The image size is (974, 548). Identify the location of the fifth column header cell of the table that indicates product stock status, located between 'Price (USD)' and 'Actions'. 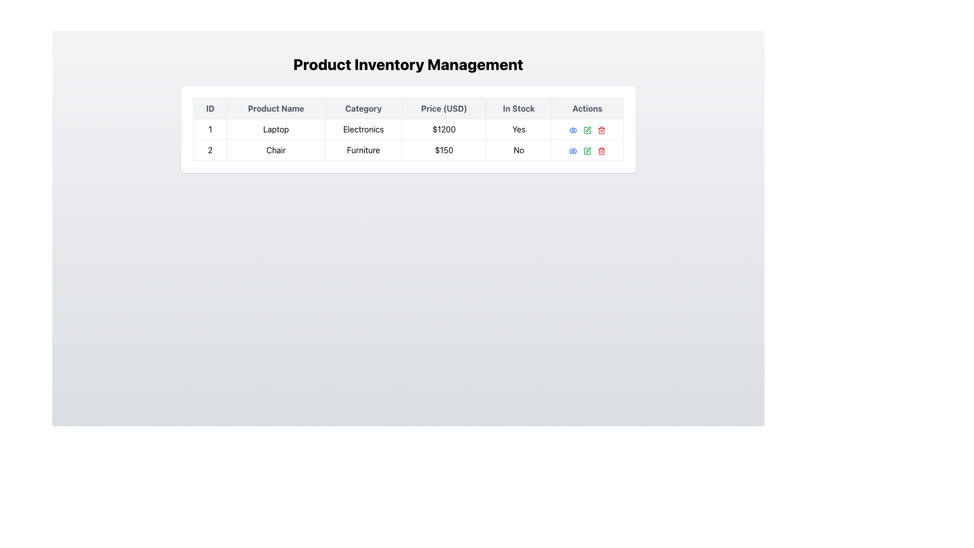
(518, 108).